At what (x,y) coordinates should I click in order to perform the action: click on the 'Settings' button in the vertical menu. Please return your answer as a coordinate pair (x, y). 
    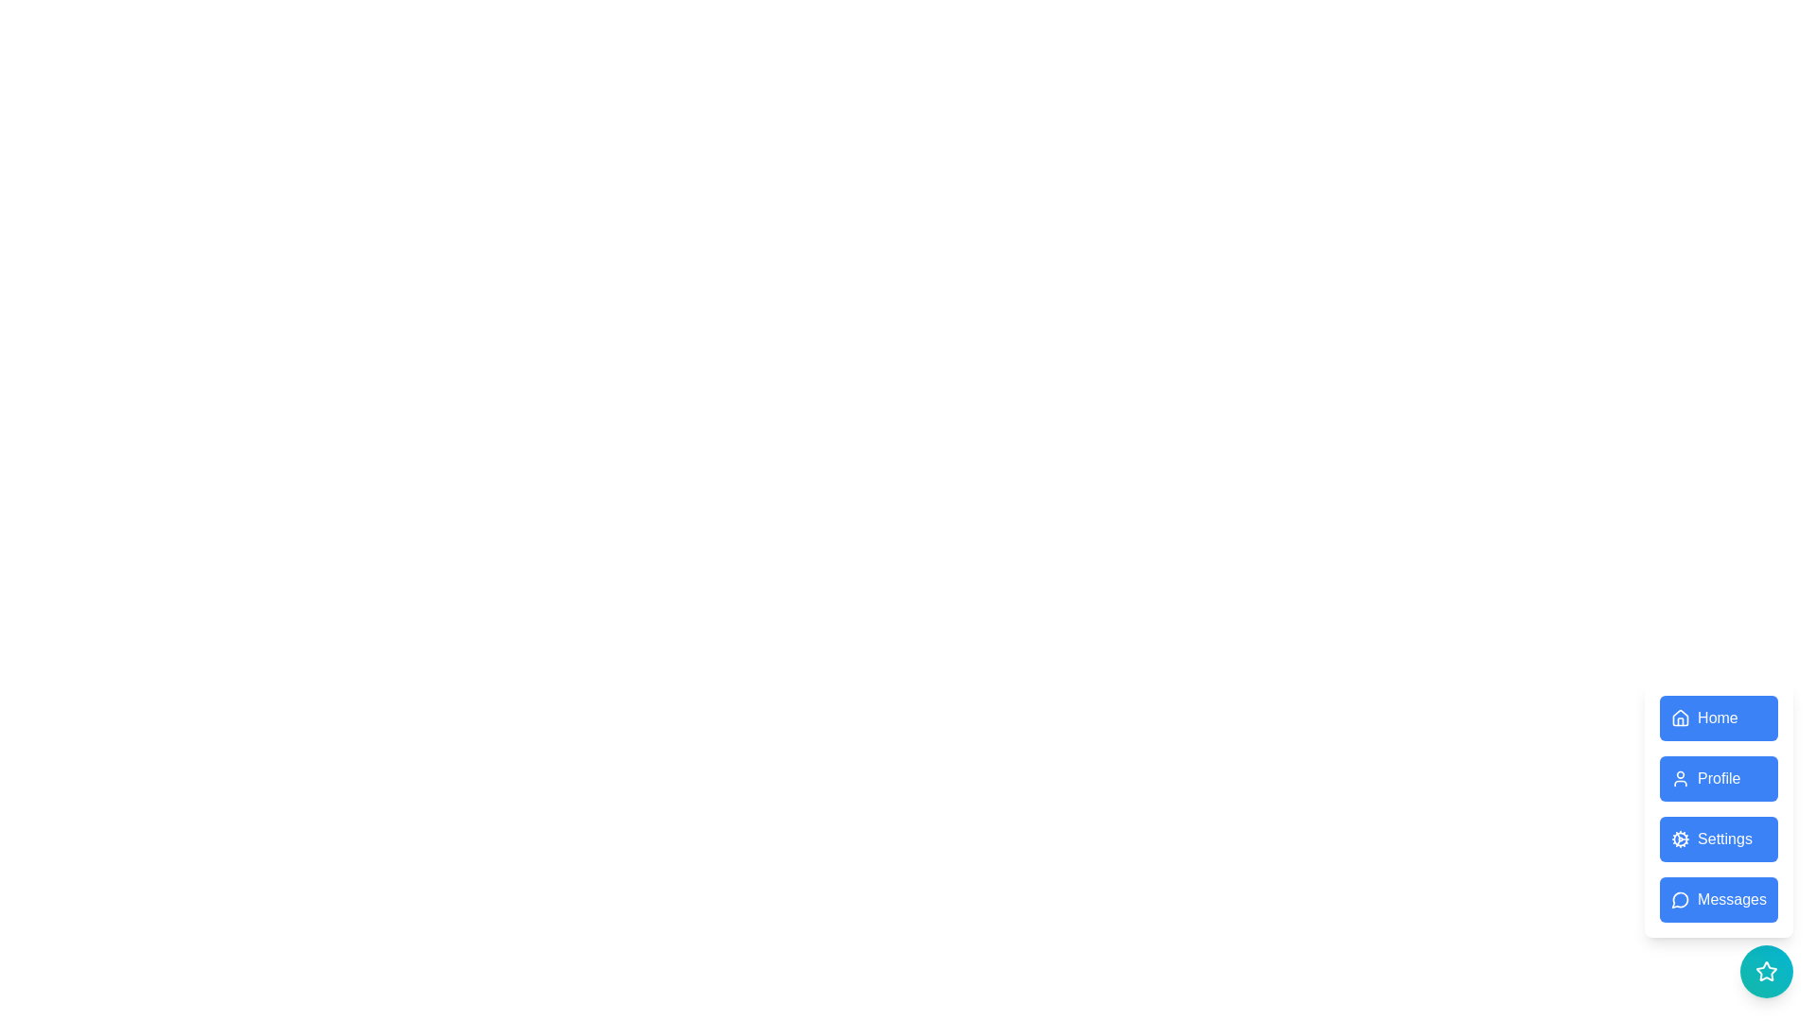
    Looking at the image, I should click on (1719, 808).